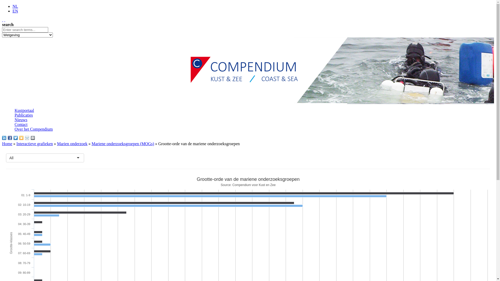 The width and height of the screenshot is (500, 281). Describe the element at coordinates (122, 144) in the screenshot. I see `'Mariene onderzoeksgroepen (MOGs)'` at that location.